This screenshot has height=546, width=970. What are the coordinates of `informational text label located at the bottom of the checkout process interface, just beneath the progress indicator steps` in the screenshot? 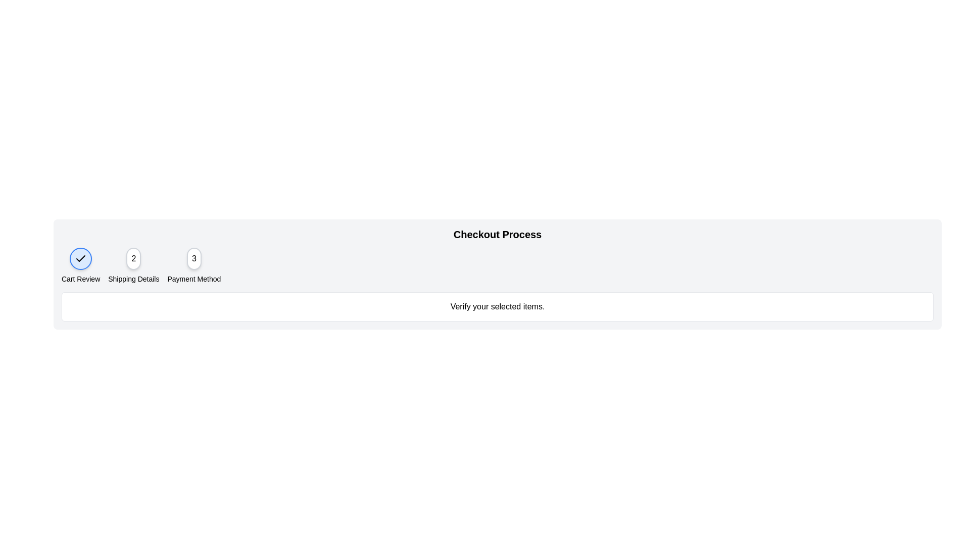 It's located at (497, 306).